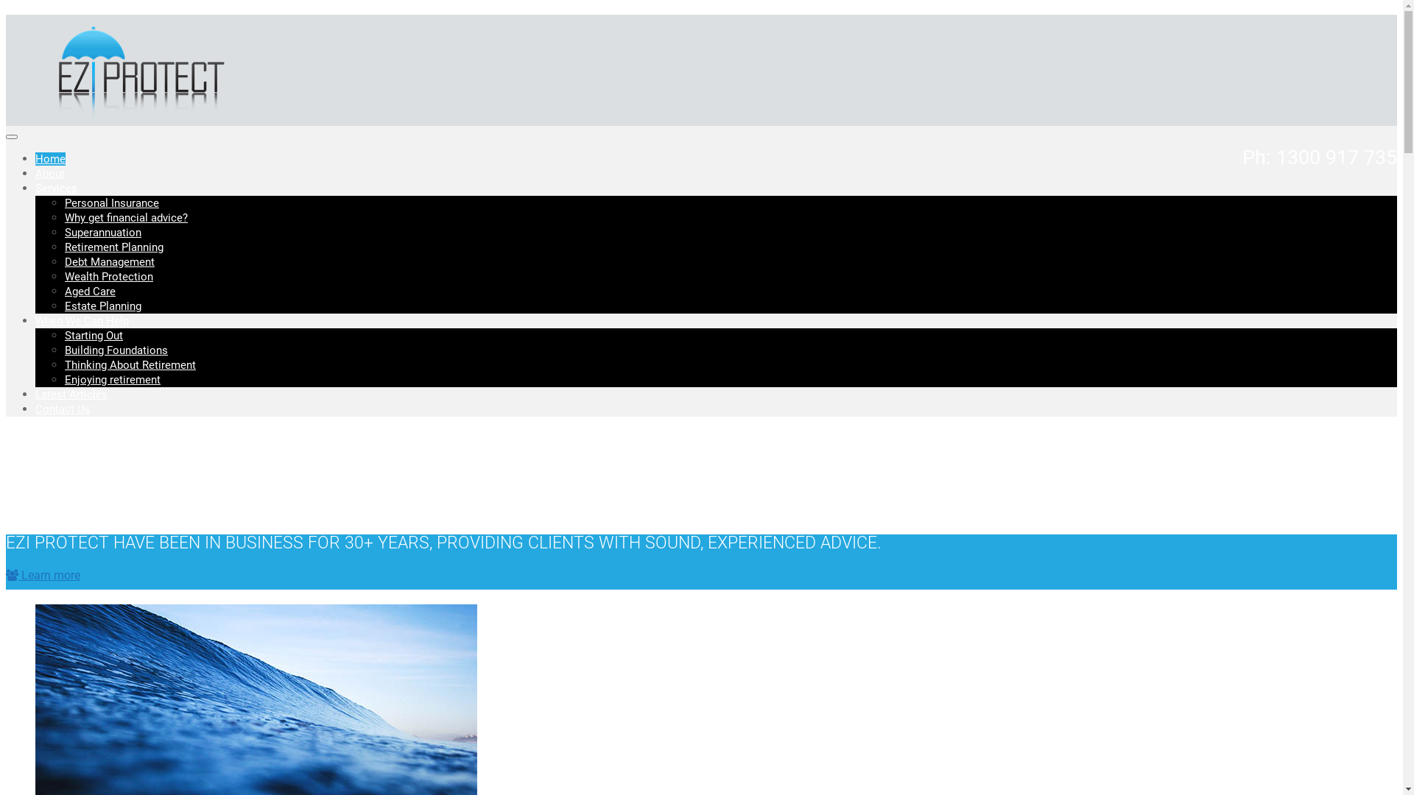  Describe the element at coordinates (50, 159) in the screenshot. I see `'Home'` at that location.